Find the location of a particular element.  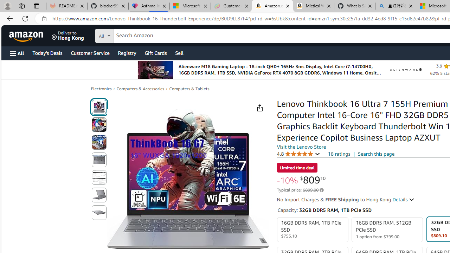

'18 ratings' is located at coordinates (339, 154).